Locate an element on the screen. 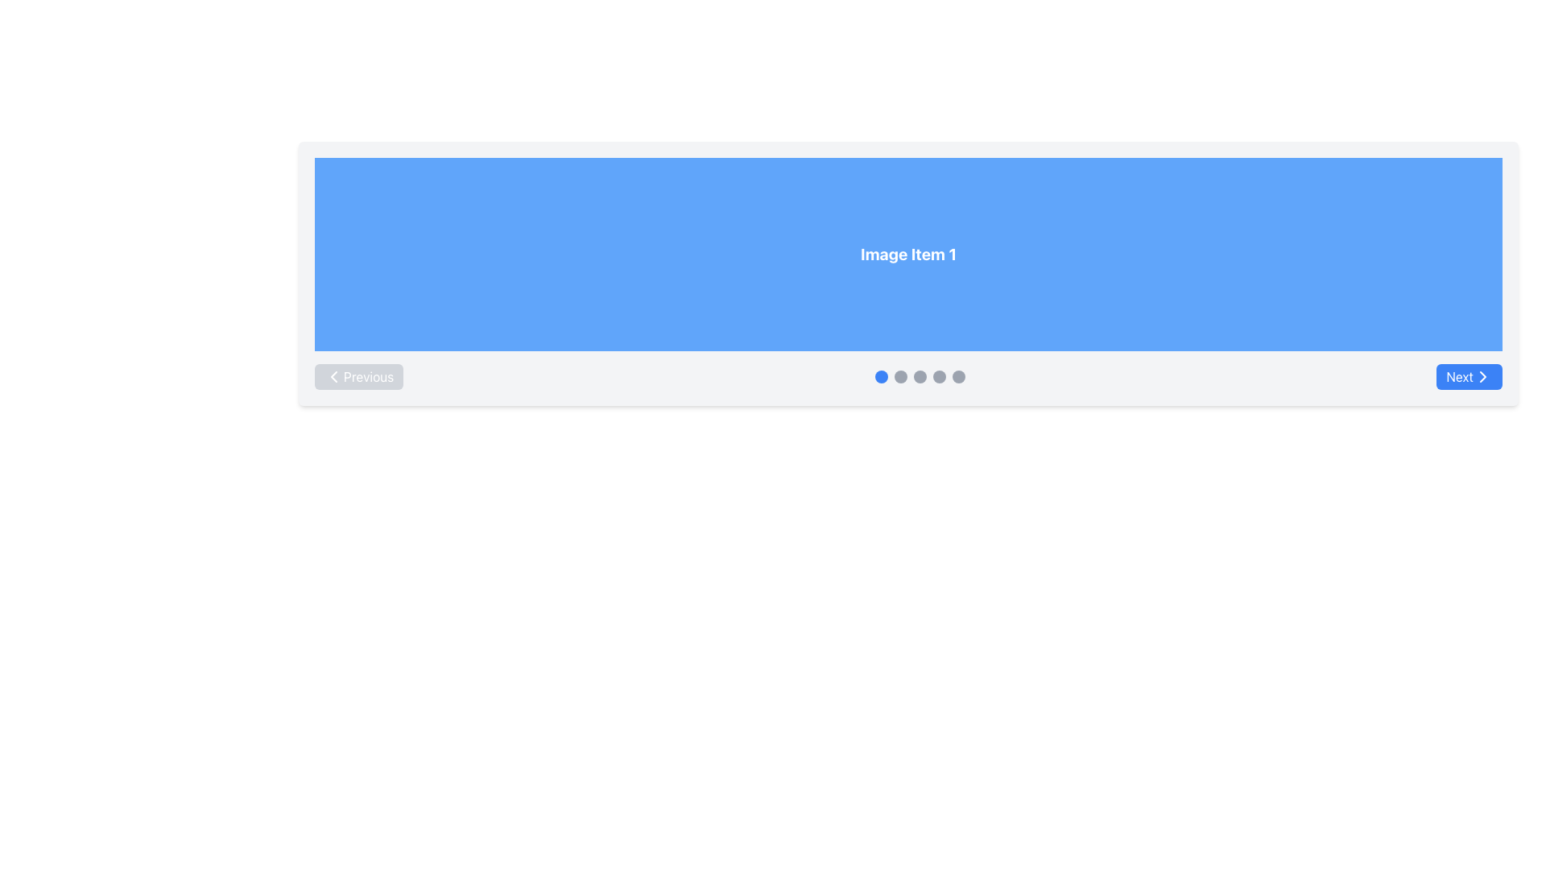  the circular indicator in the pagination control is located at coordinates (908, 376).